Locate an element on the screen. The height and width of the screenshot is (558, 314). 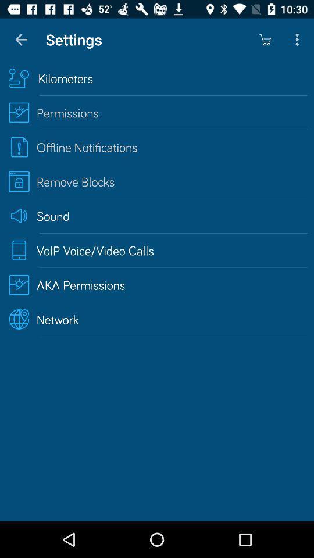
app next to settings is located at coordinates (21, 40).